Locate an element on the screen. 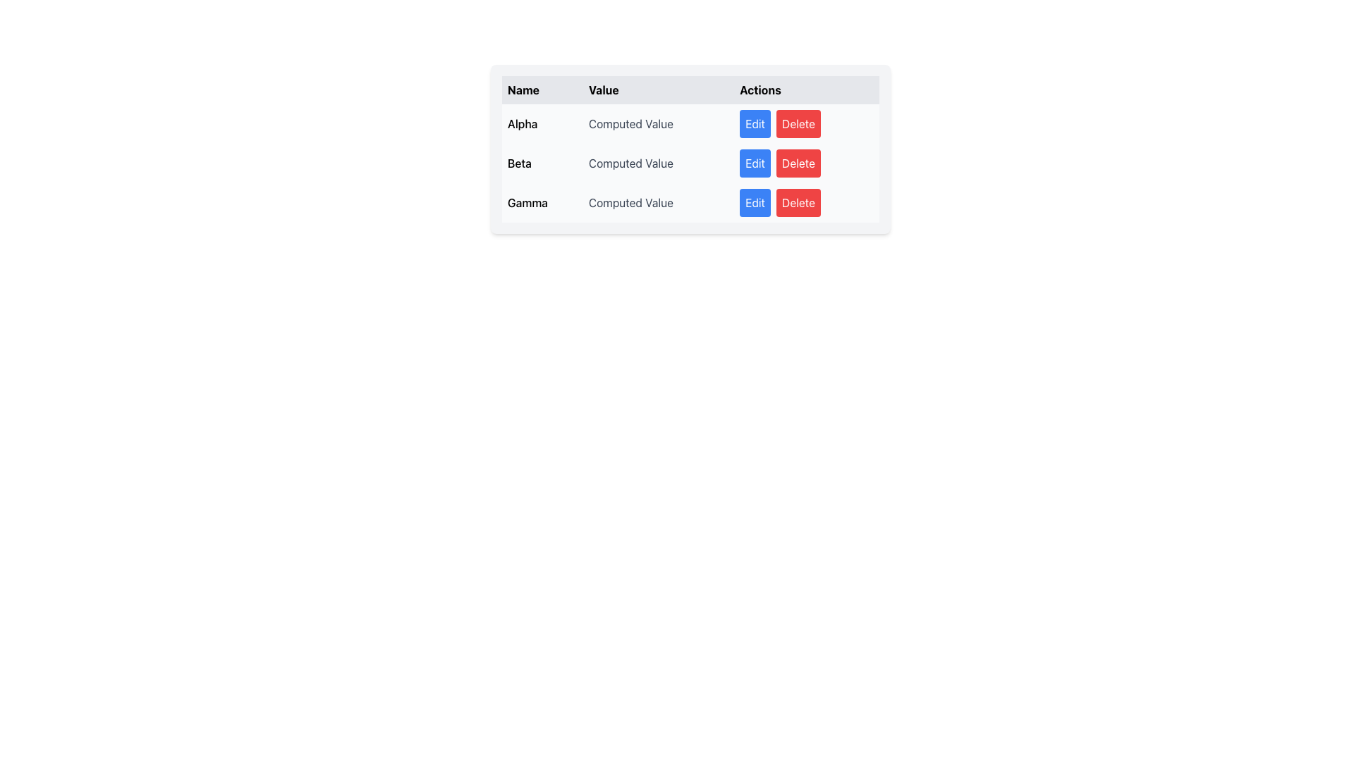 This screenshot has width=1354, height=761. the text label 'Gamma' which is in bold, medium-sized, black font located in the first cell of the third row of a table is located at coordinates (542, 203).